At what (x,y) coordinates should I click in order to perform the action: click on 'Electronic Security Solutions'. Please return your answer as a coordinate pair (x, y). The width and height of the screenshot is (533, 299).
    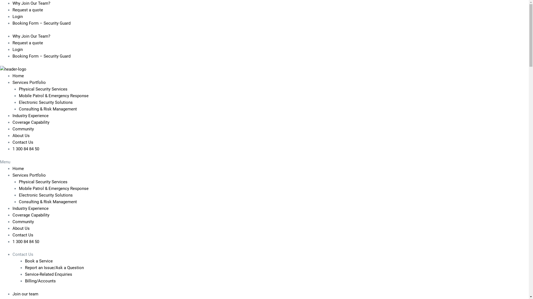
    Looking at the image, I should click on (19, 102).